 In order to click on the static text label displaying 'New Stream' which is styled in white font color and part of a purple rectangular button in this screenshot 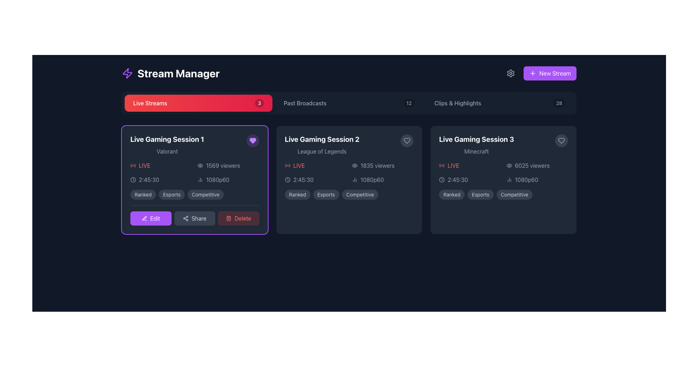, I will do `click(554, 73)`.